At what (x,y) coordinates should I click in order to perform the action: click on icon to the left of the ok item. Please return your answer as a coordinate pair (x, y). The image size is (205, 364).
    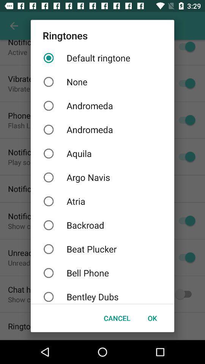
    Looking at the image, I should click on (117, 318).